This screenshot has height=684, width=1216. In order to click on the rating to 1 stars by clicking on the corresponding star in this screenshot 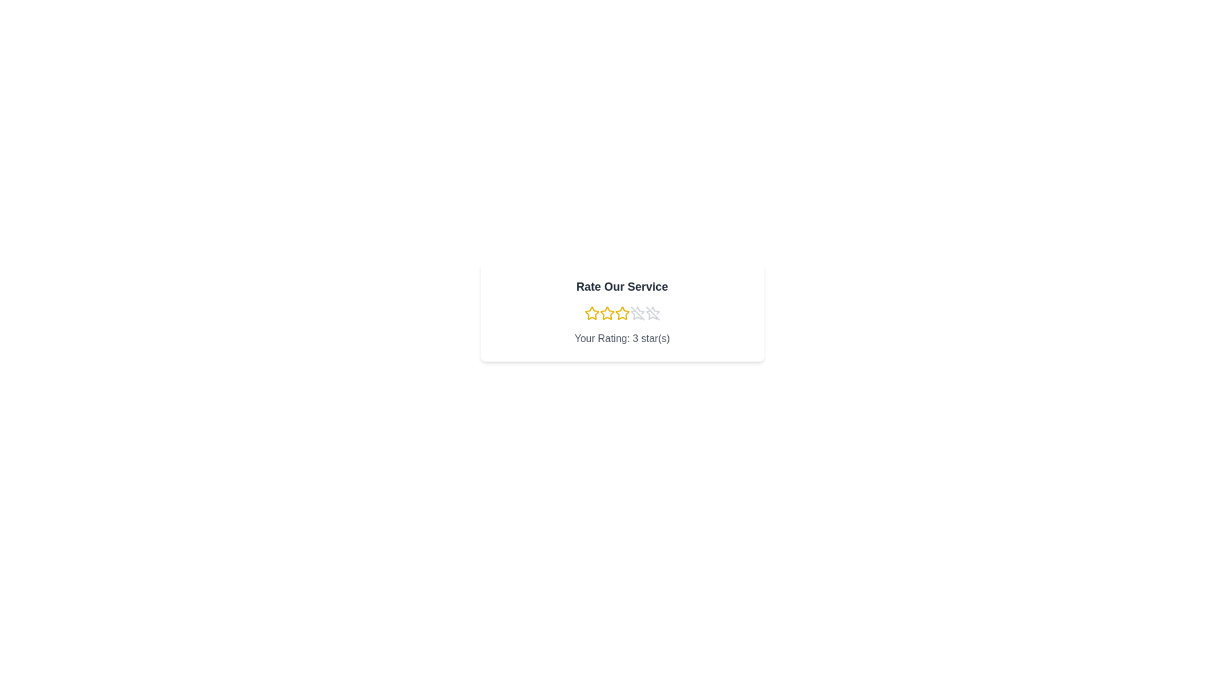, I will do `click(591, 313)`.